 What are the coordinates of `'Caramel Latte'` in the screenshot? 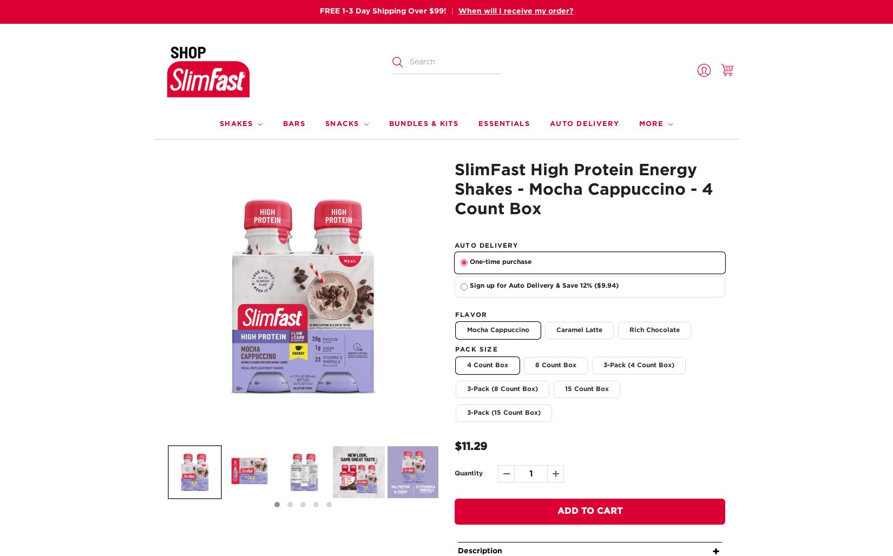 It's located at (579, 329).